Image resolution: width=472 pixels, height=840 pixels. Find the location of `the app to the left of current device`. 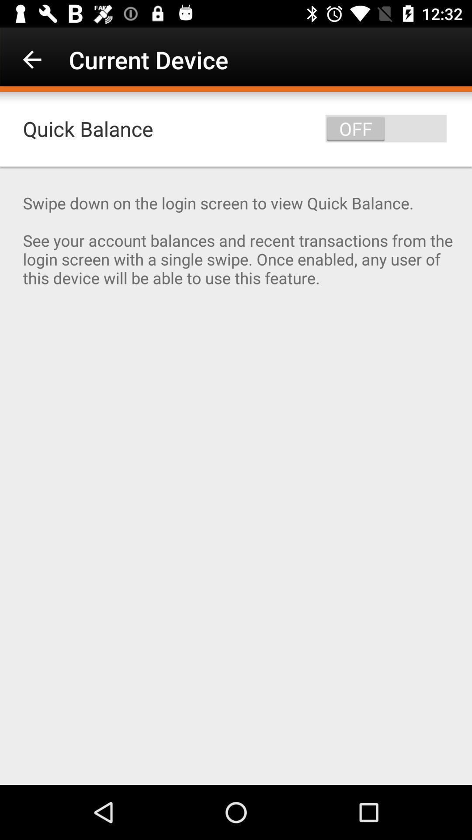

the app to the left of current device is located at coordinates (31, 59).